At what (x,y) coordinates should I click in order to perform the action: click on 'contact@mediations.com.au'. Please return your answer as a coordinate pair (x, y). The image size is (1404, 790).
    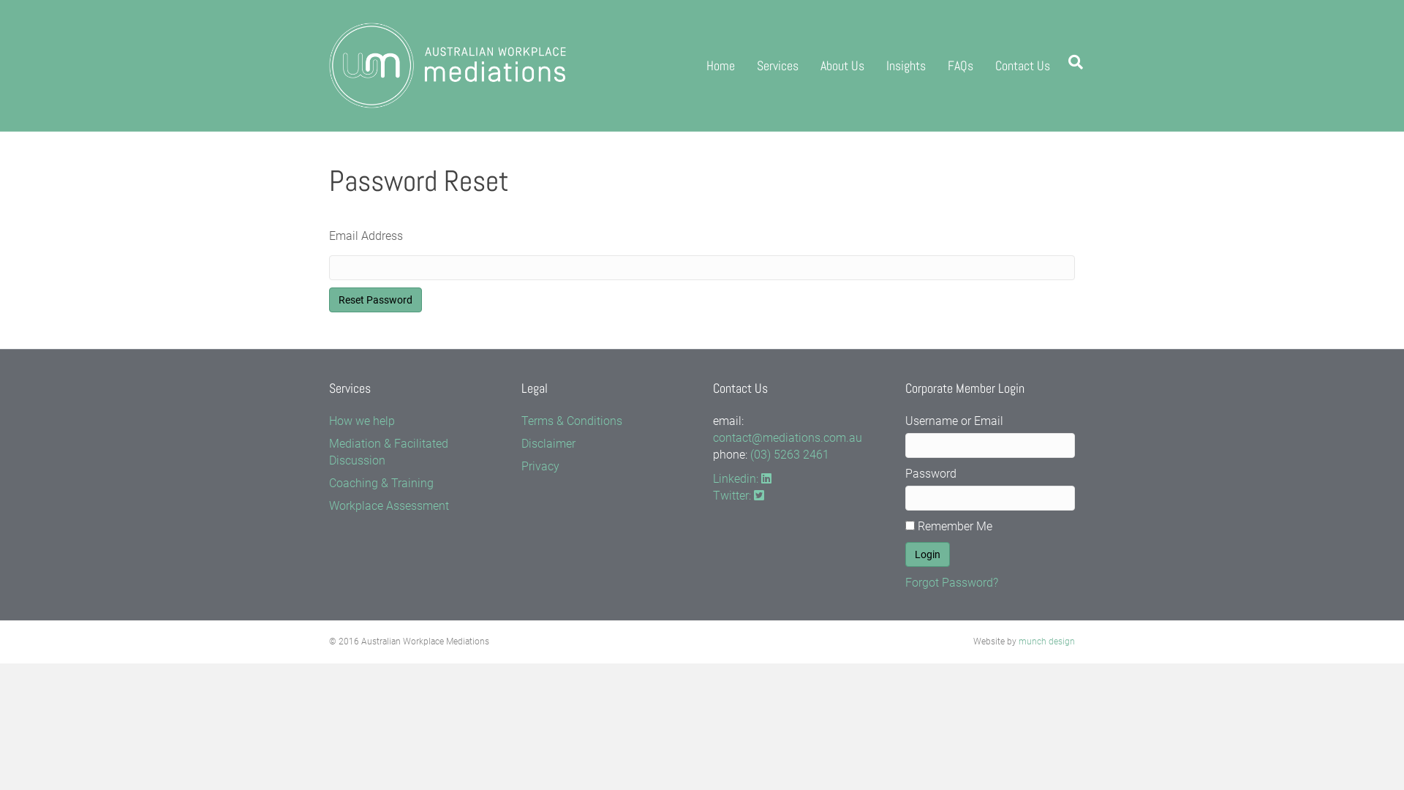
    Looking at the image, I should click on (786, 437).